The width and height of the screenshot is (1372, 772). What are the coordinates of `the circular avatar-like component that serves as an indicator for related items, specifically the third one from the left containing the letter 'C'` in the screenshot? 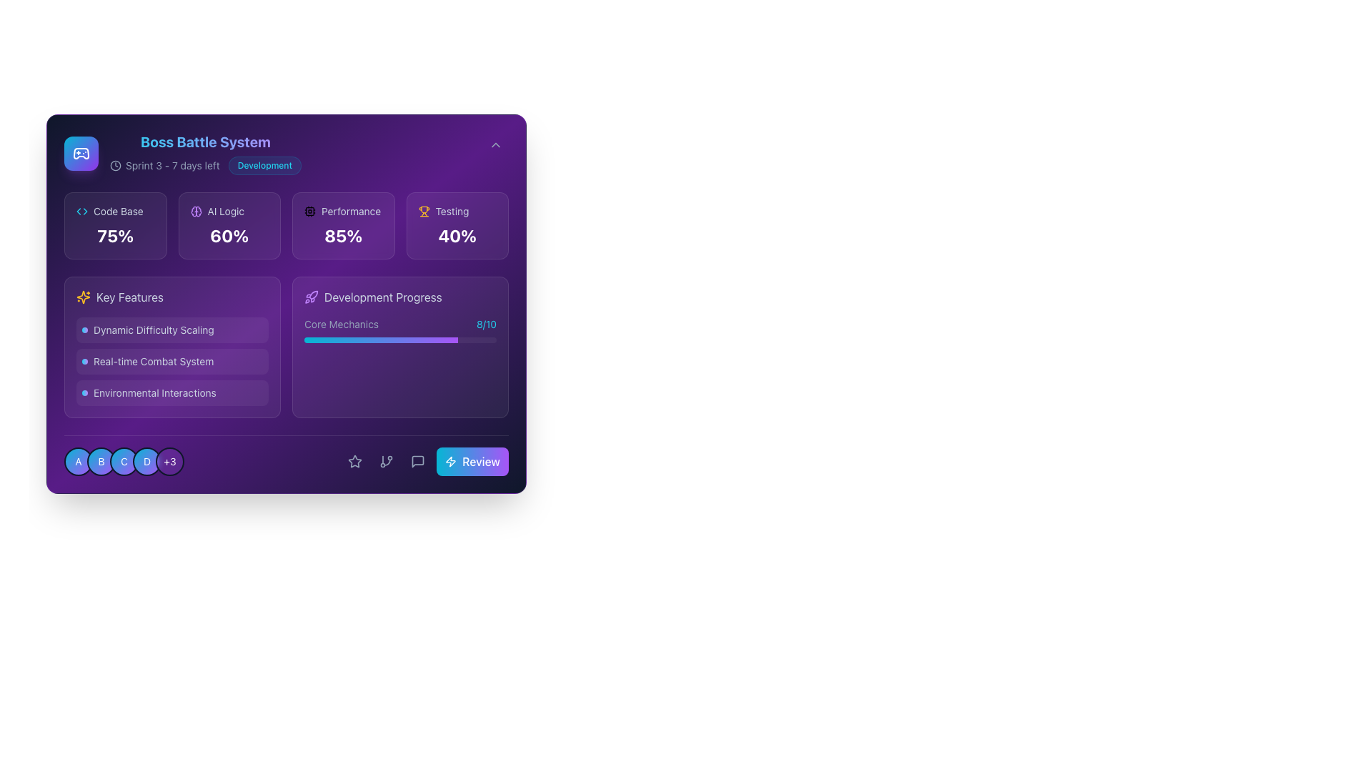 It's located at (124, 461).